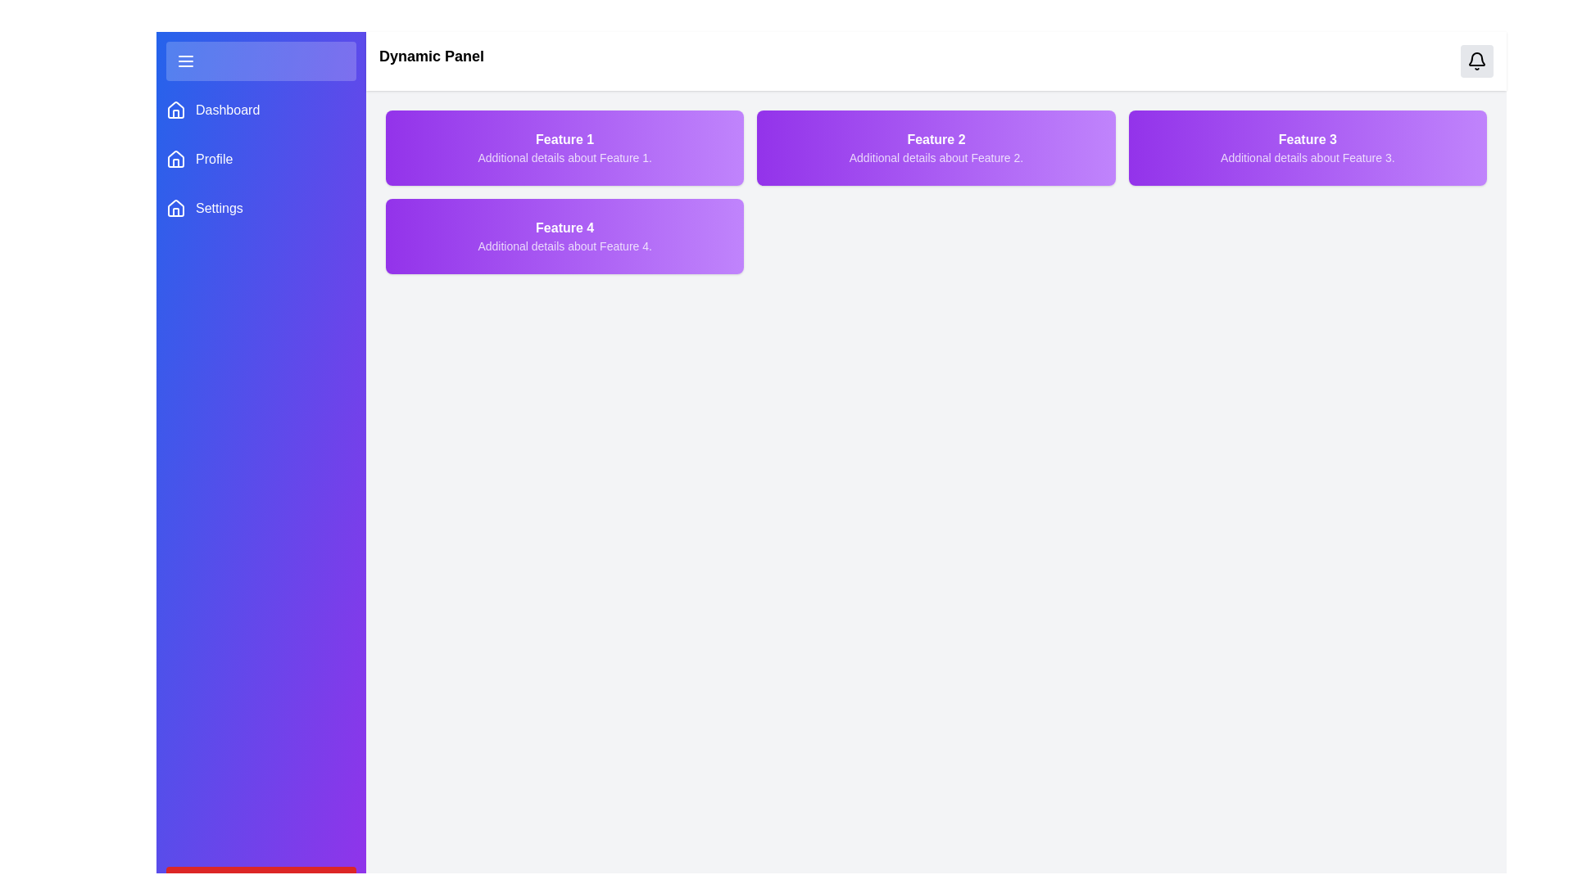  I want to click on the static text header at the top center of the interface, indicating the current section or context, so click(432, 60).